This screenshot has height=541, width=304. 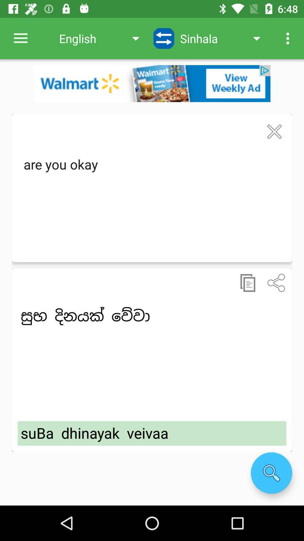 I want to click on the icon next to sinhala icon, so click(x=164, y=38).